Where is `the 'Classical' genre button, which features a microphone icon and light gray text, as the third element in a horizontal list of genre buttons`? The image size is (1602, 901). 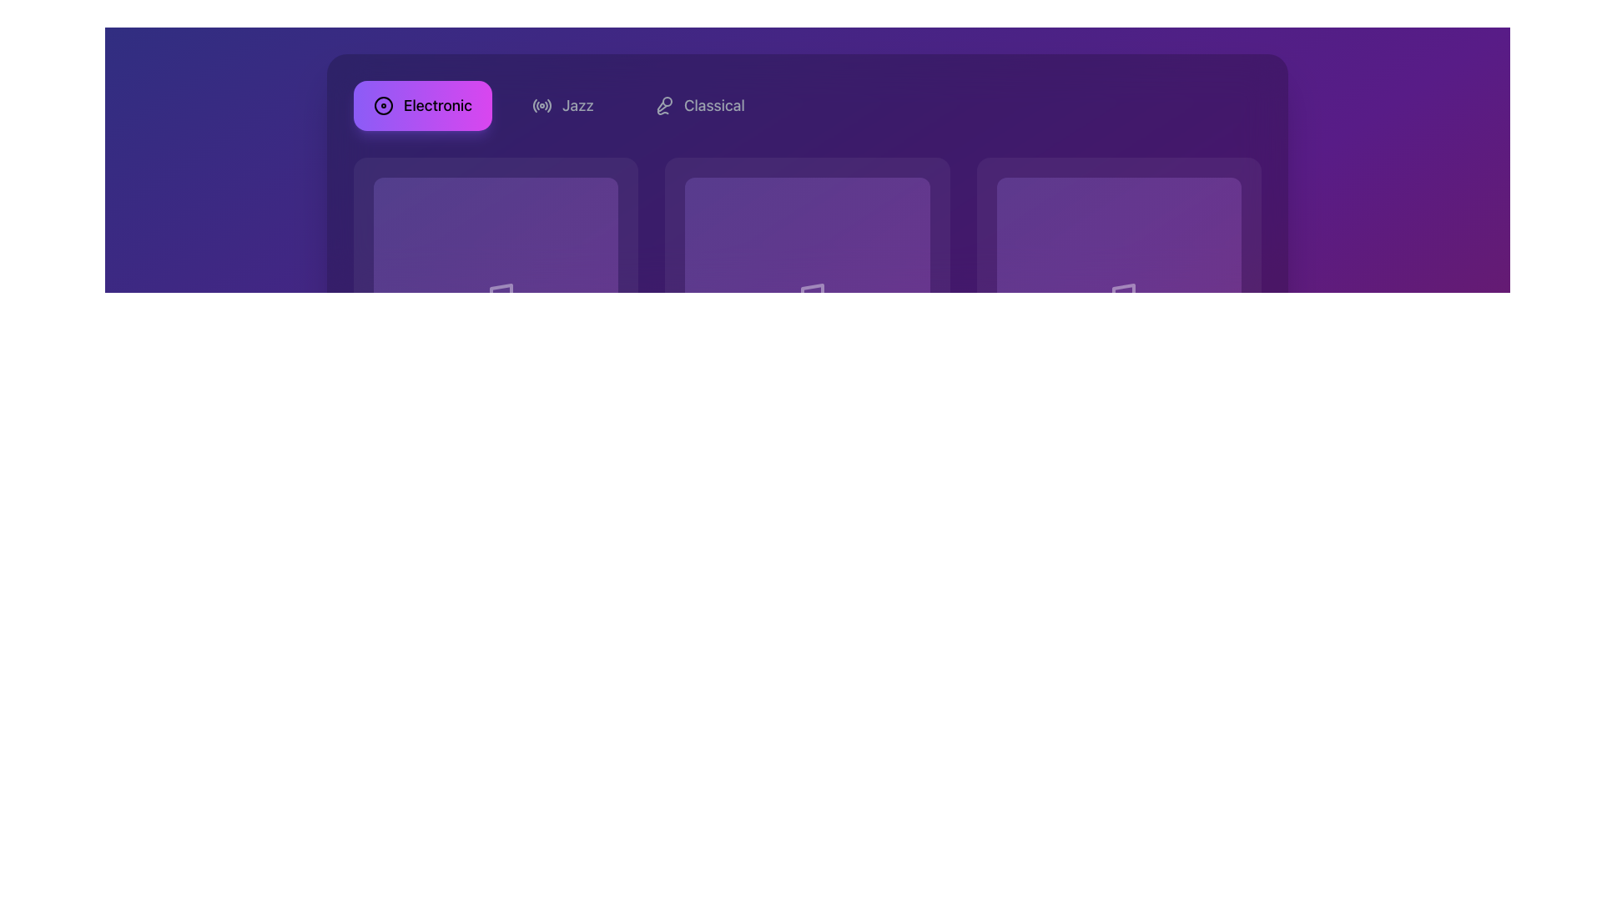
the 'Classical' genre button, which features a microphone icon and light gray text, as the third element in a horizontal list of genre buttons is located at coordinates (699, 106).